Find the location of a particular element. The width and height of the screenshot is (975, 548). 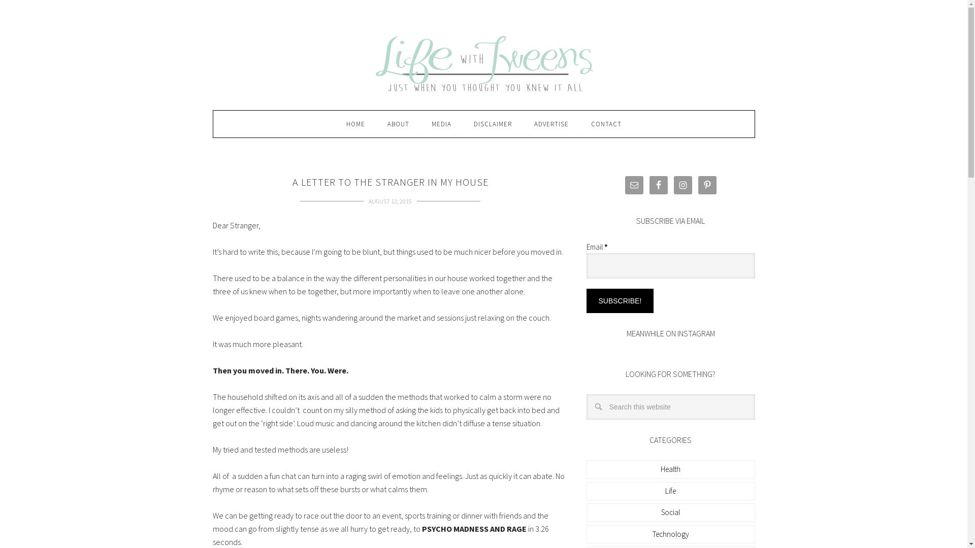

'Email' is located at coordinates (586, 265).